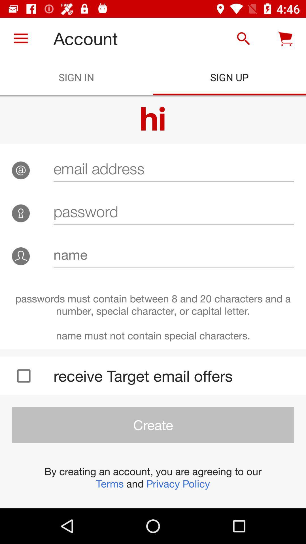 This screenshot has height=544, width=306. I want to click on the by creating an icon, so click(153, 477).